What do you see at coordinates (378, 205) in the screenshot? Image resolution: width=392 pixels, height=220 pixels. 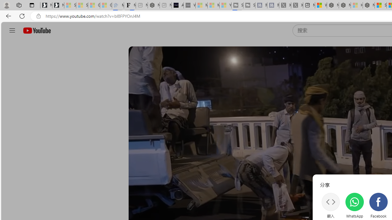 I see `'Facebook'` at bounding box center [378, 205].